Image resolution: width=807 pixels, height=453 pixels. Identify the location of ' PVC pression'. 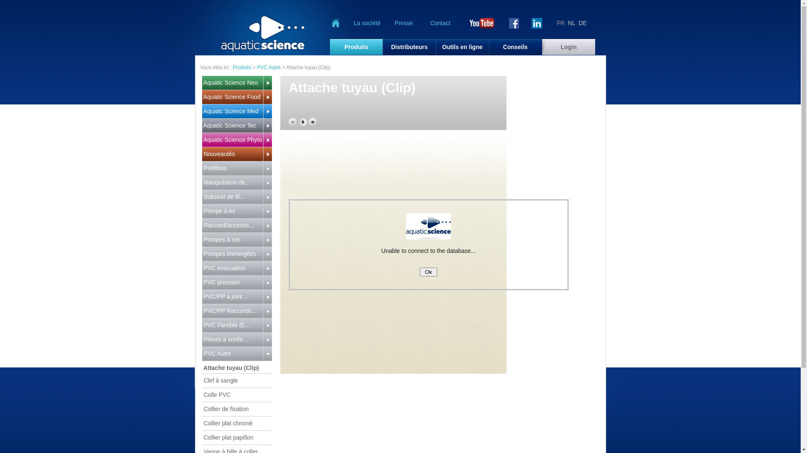
(232, 283).